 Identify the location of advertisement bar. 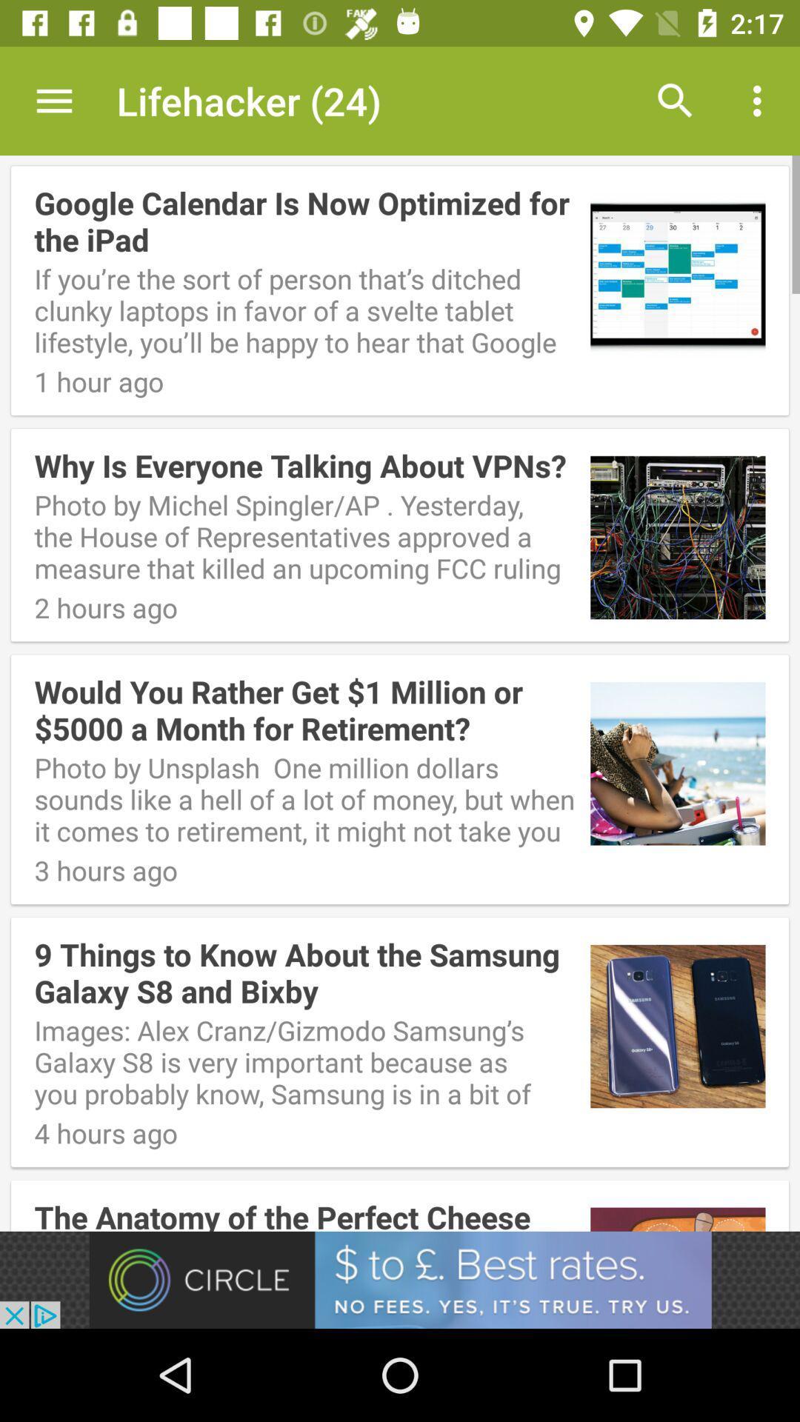
(400, 1279).